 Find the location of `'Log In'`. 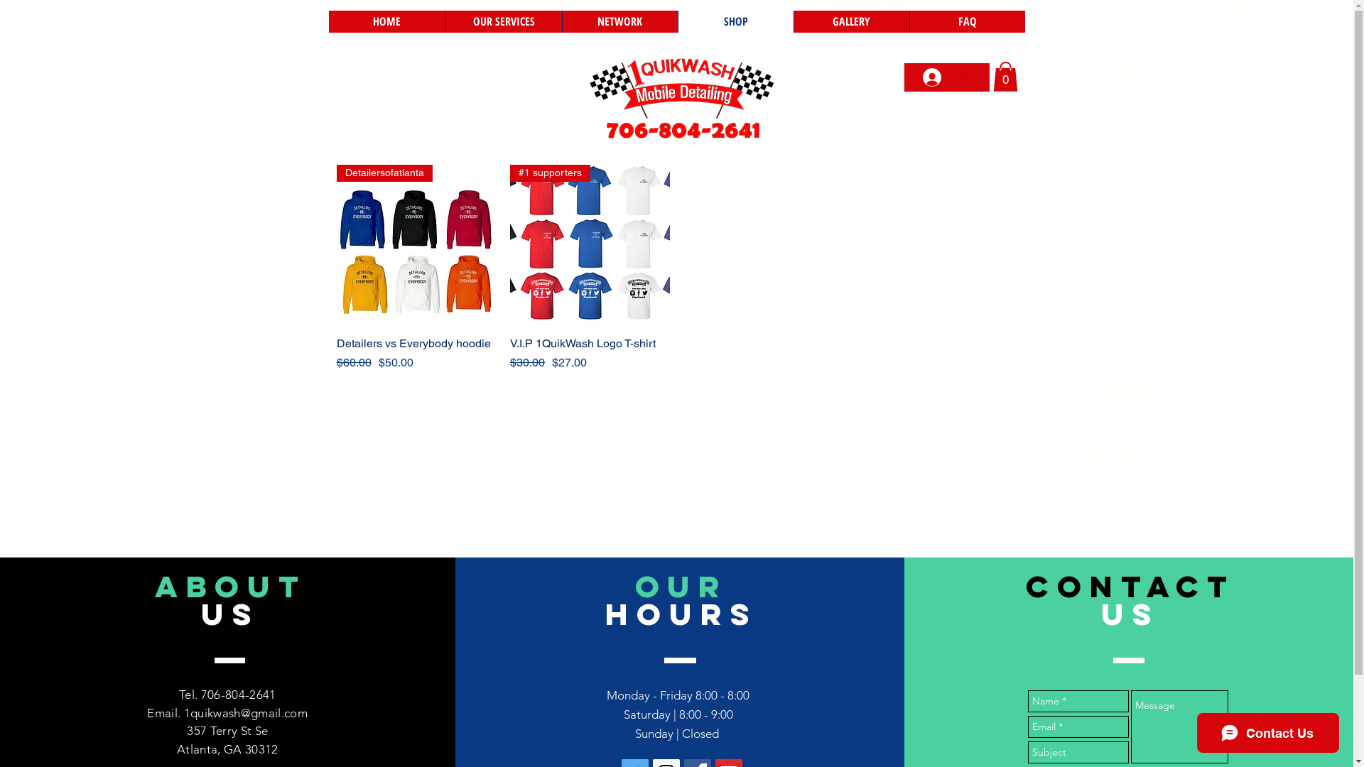

'Log In' is located at coordinates (951, 77).